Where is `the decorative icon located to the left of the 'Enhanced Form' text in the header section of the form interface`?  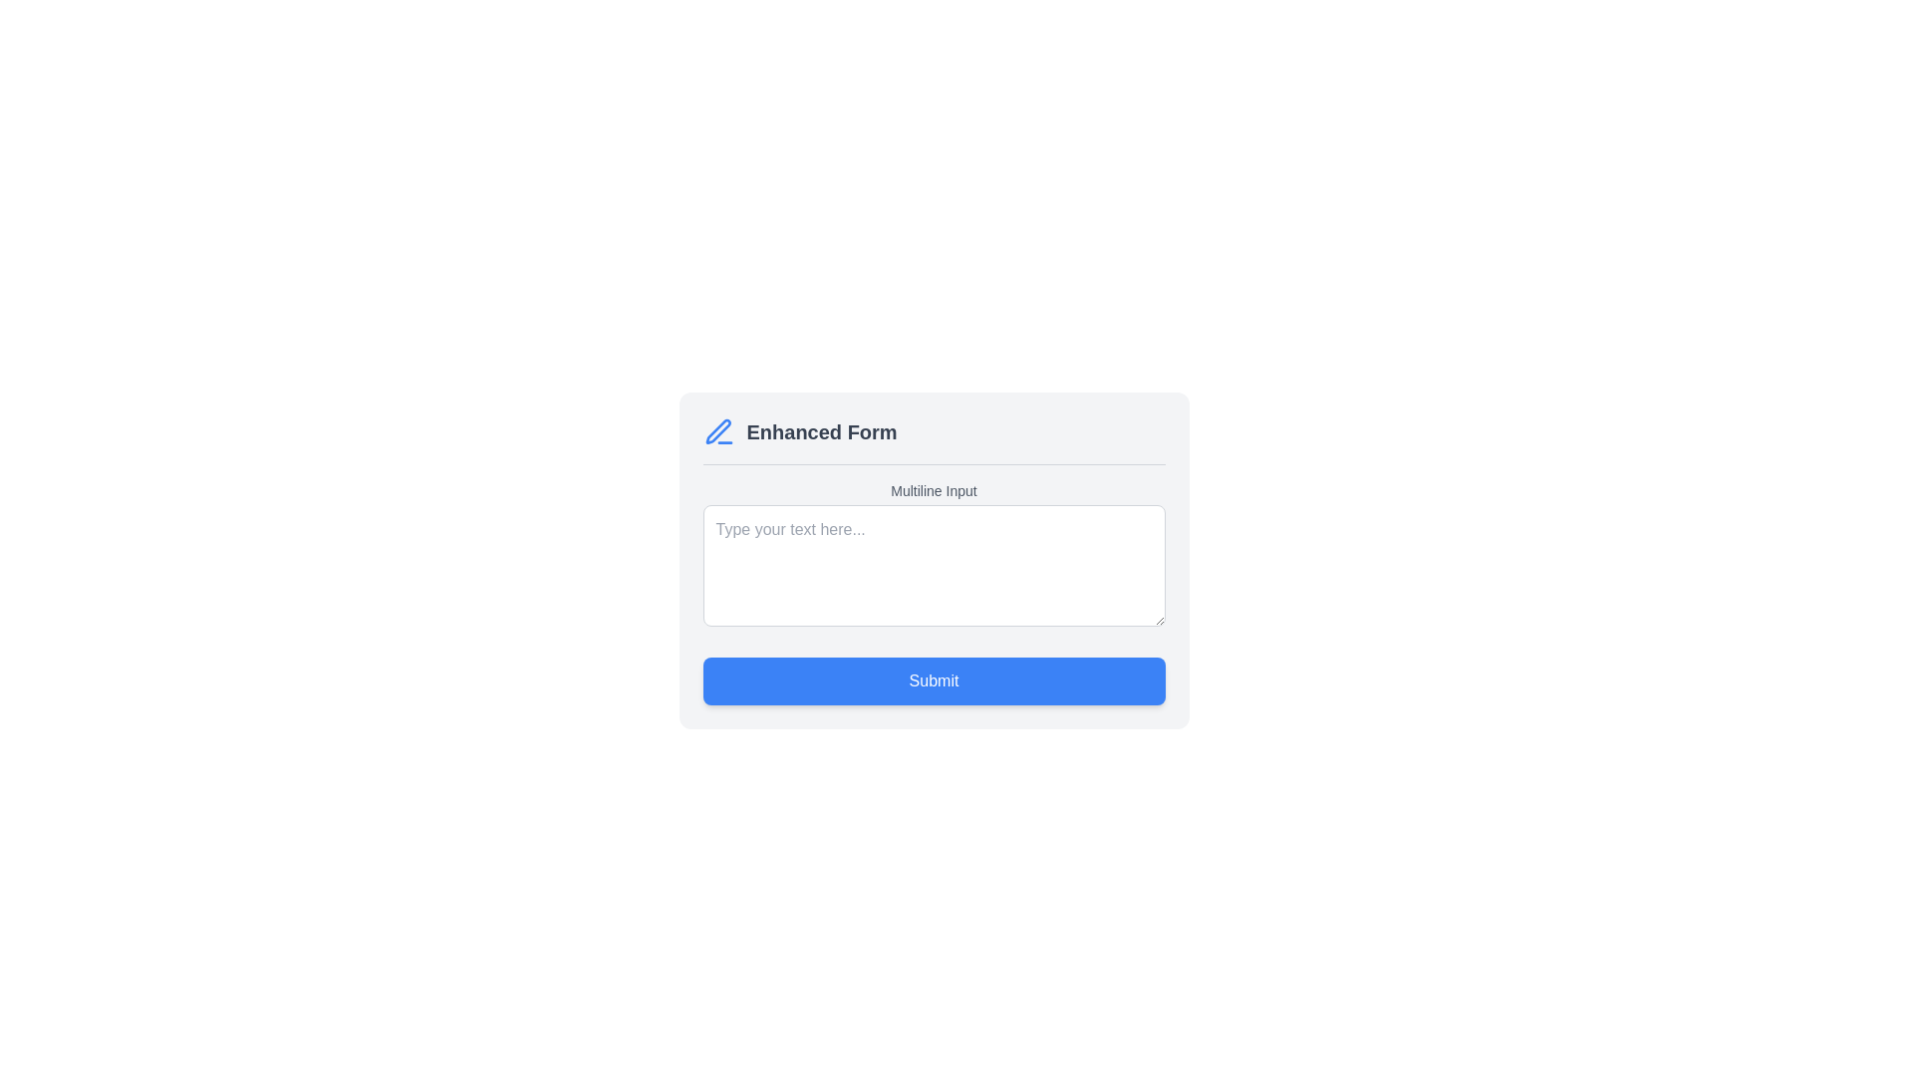 the decorative icon located to the left of the 'Enhanced Form' text in the header section of the form interface is located at coordinates (717, 430).